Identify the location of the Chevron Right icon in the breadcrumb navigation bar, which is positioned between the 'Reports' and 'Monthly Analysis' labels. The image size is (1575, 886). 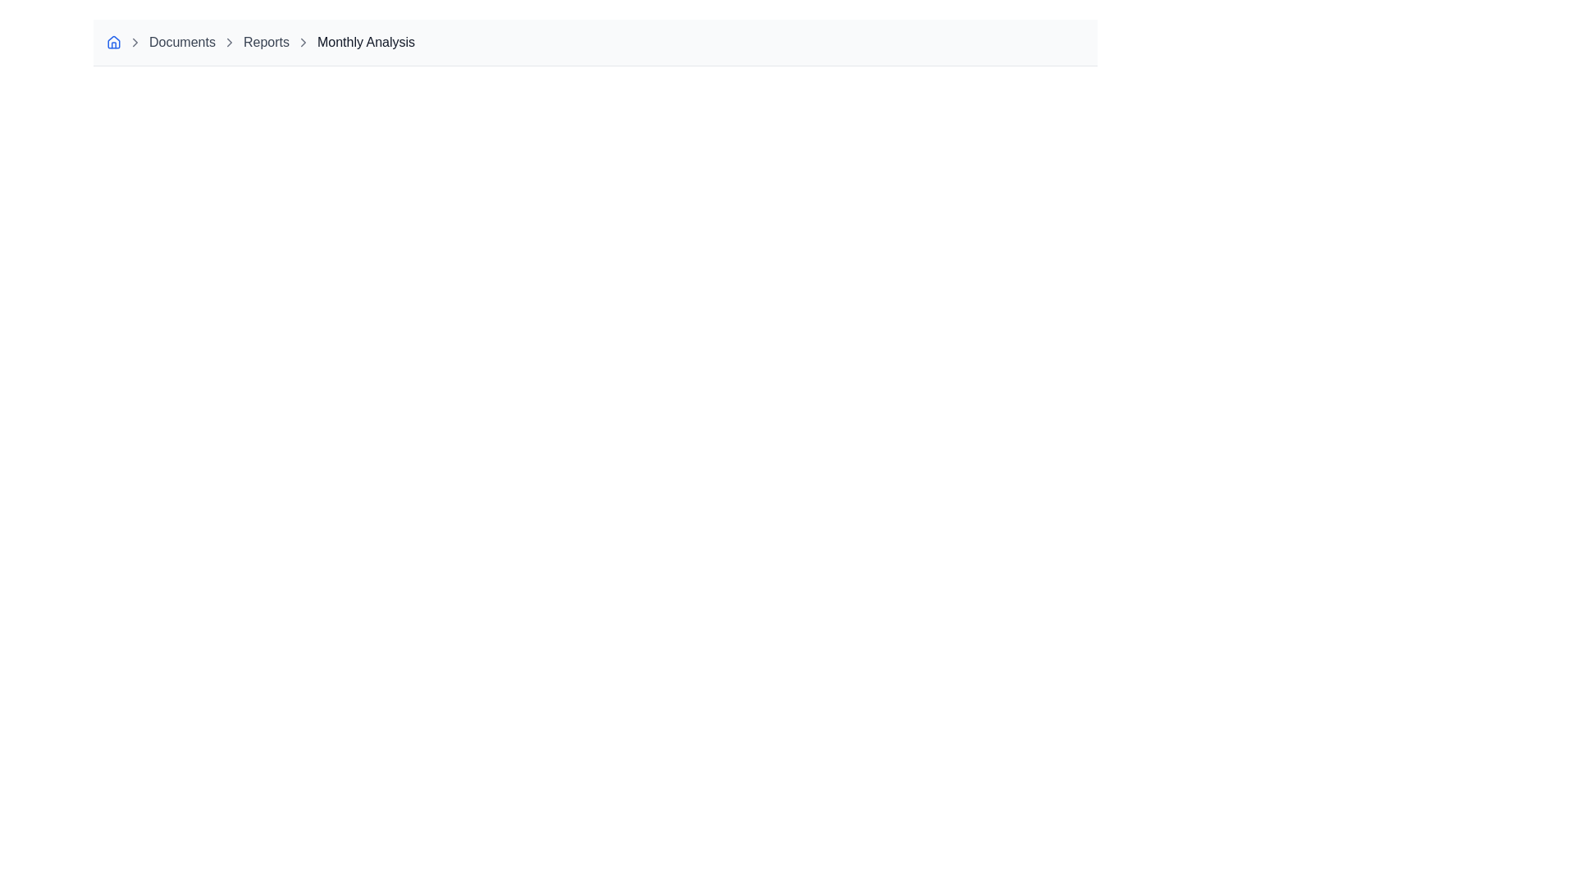
(228, 41).